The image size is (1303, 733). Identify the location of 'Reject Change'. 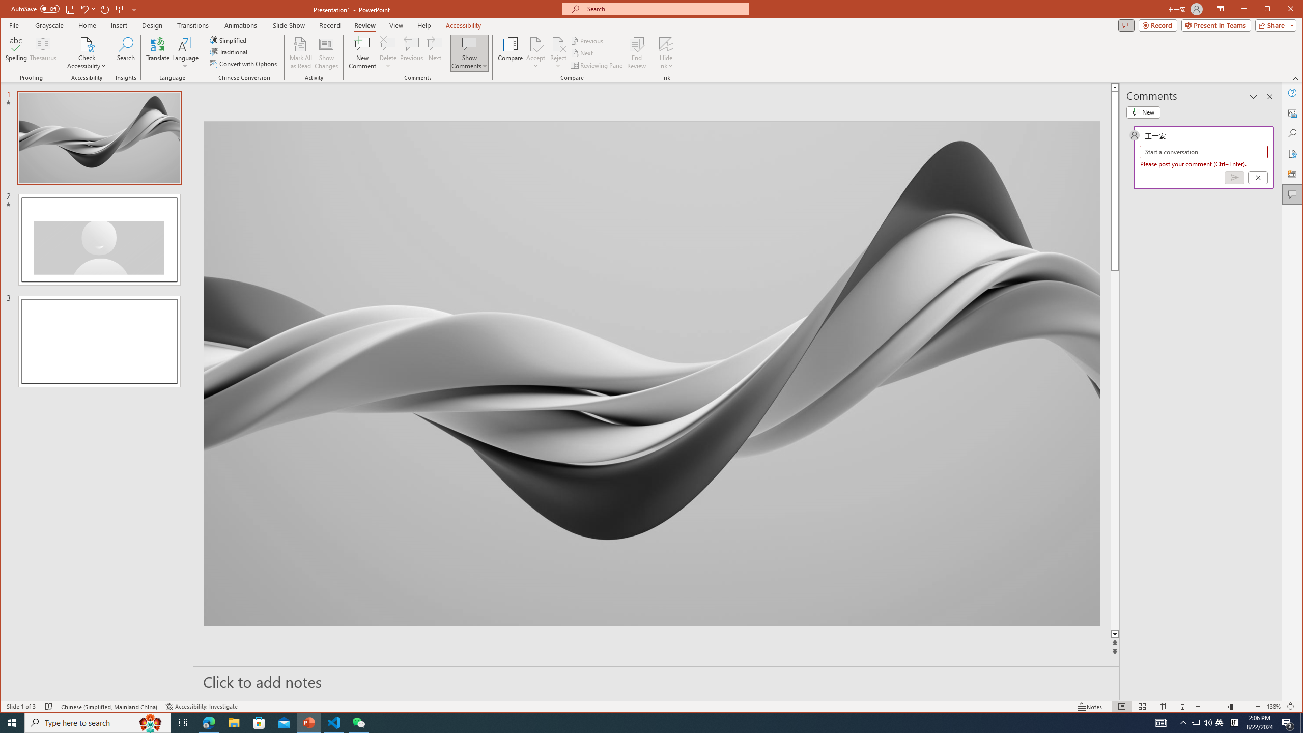
(558, 43).